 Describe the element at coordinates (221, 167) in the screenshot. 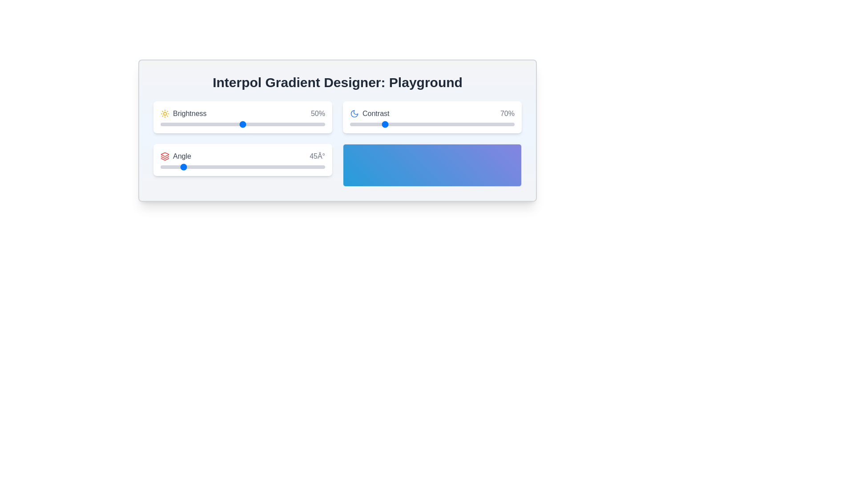

I see `the angle` at that location.